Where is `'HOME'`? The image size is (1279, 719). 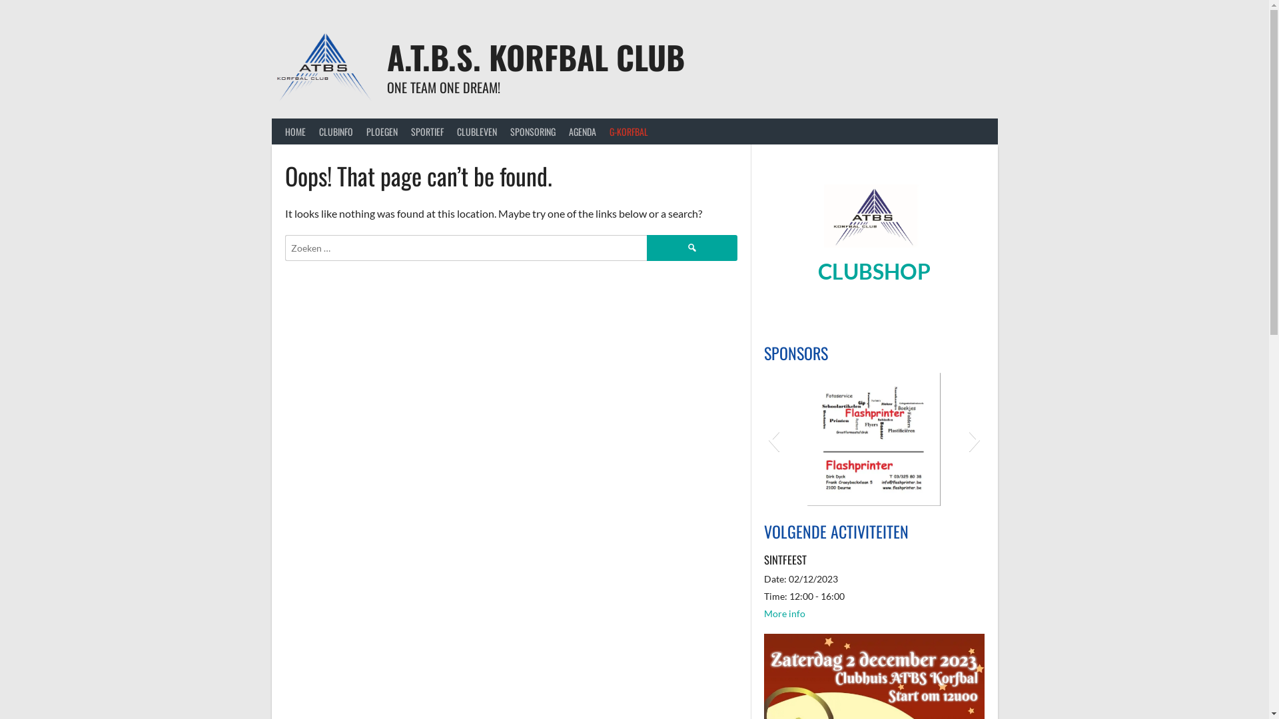 'HOME' is located at coordinates (294, 131).